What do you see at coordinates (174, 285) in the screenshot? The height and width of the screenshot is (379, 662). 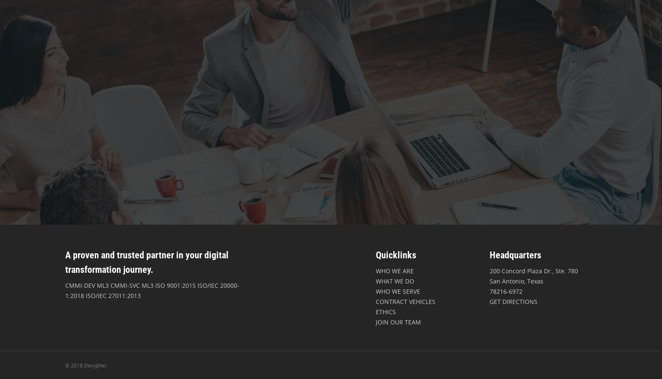 I see `'ISO 9001:2015'` at bounding box center [174, 285].